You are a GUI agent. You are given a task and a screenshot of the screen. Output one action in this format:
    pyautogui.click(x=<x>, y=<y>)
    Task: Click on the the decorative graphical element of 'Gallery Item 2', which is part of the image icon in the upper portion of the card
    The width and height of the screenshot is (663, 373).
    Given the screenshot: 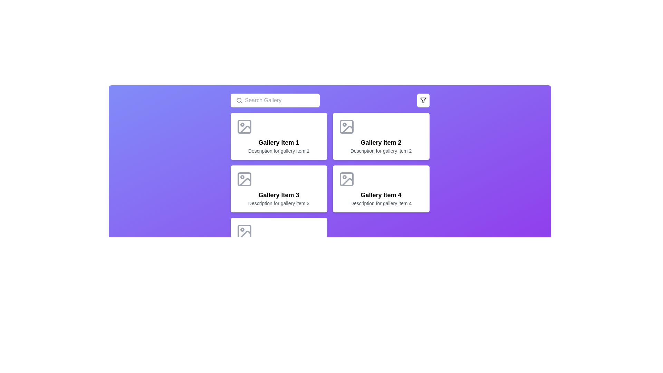 What is the action you would take?
    pyautogui.click(x=346, y=126)
    